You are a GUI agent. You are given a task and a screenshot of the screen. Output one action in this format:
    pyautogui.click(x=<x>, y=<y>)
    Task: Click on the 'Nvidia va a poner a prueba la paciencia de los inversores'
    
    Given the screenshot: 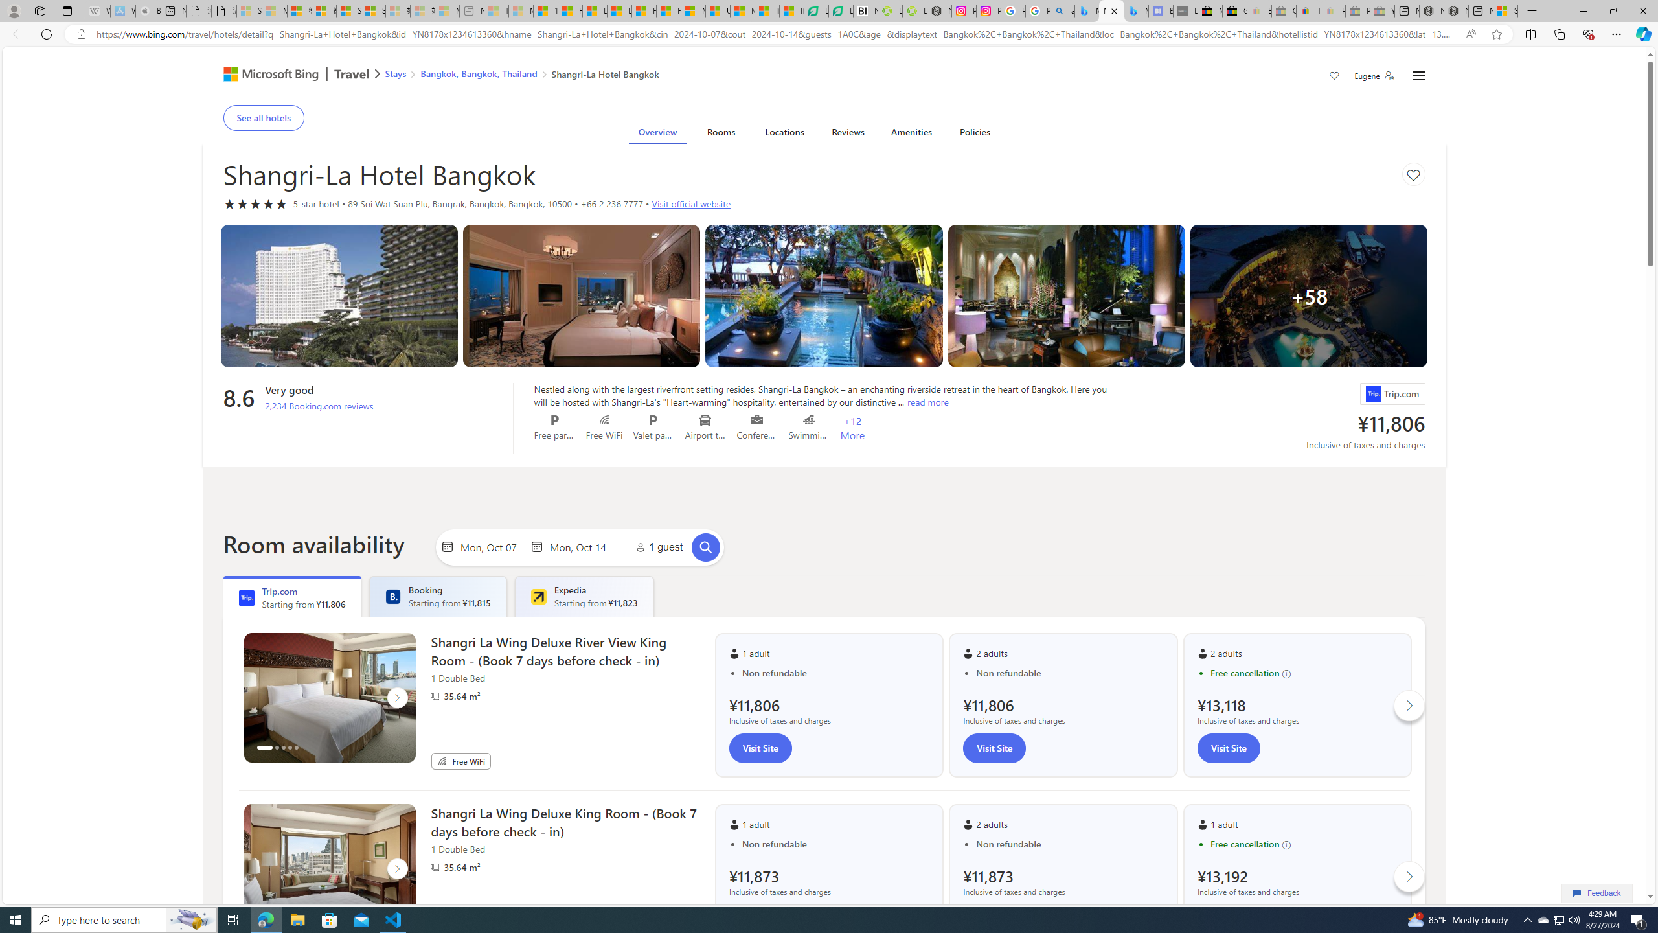 What is the action you would take?
    pyautogui.click(x=865, y=10)
    